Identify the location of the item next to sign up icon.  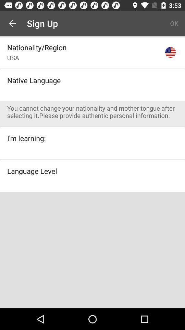
(174, 23).